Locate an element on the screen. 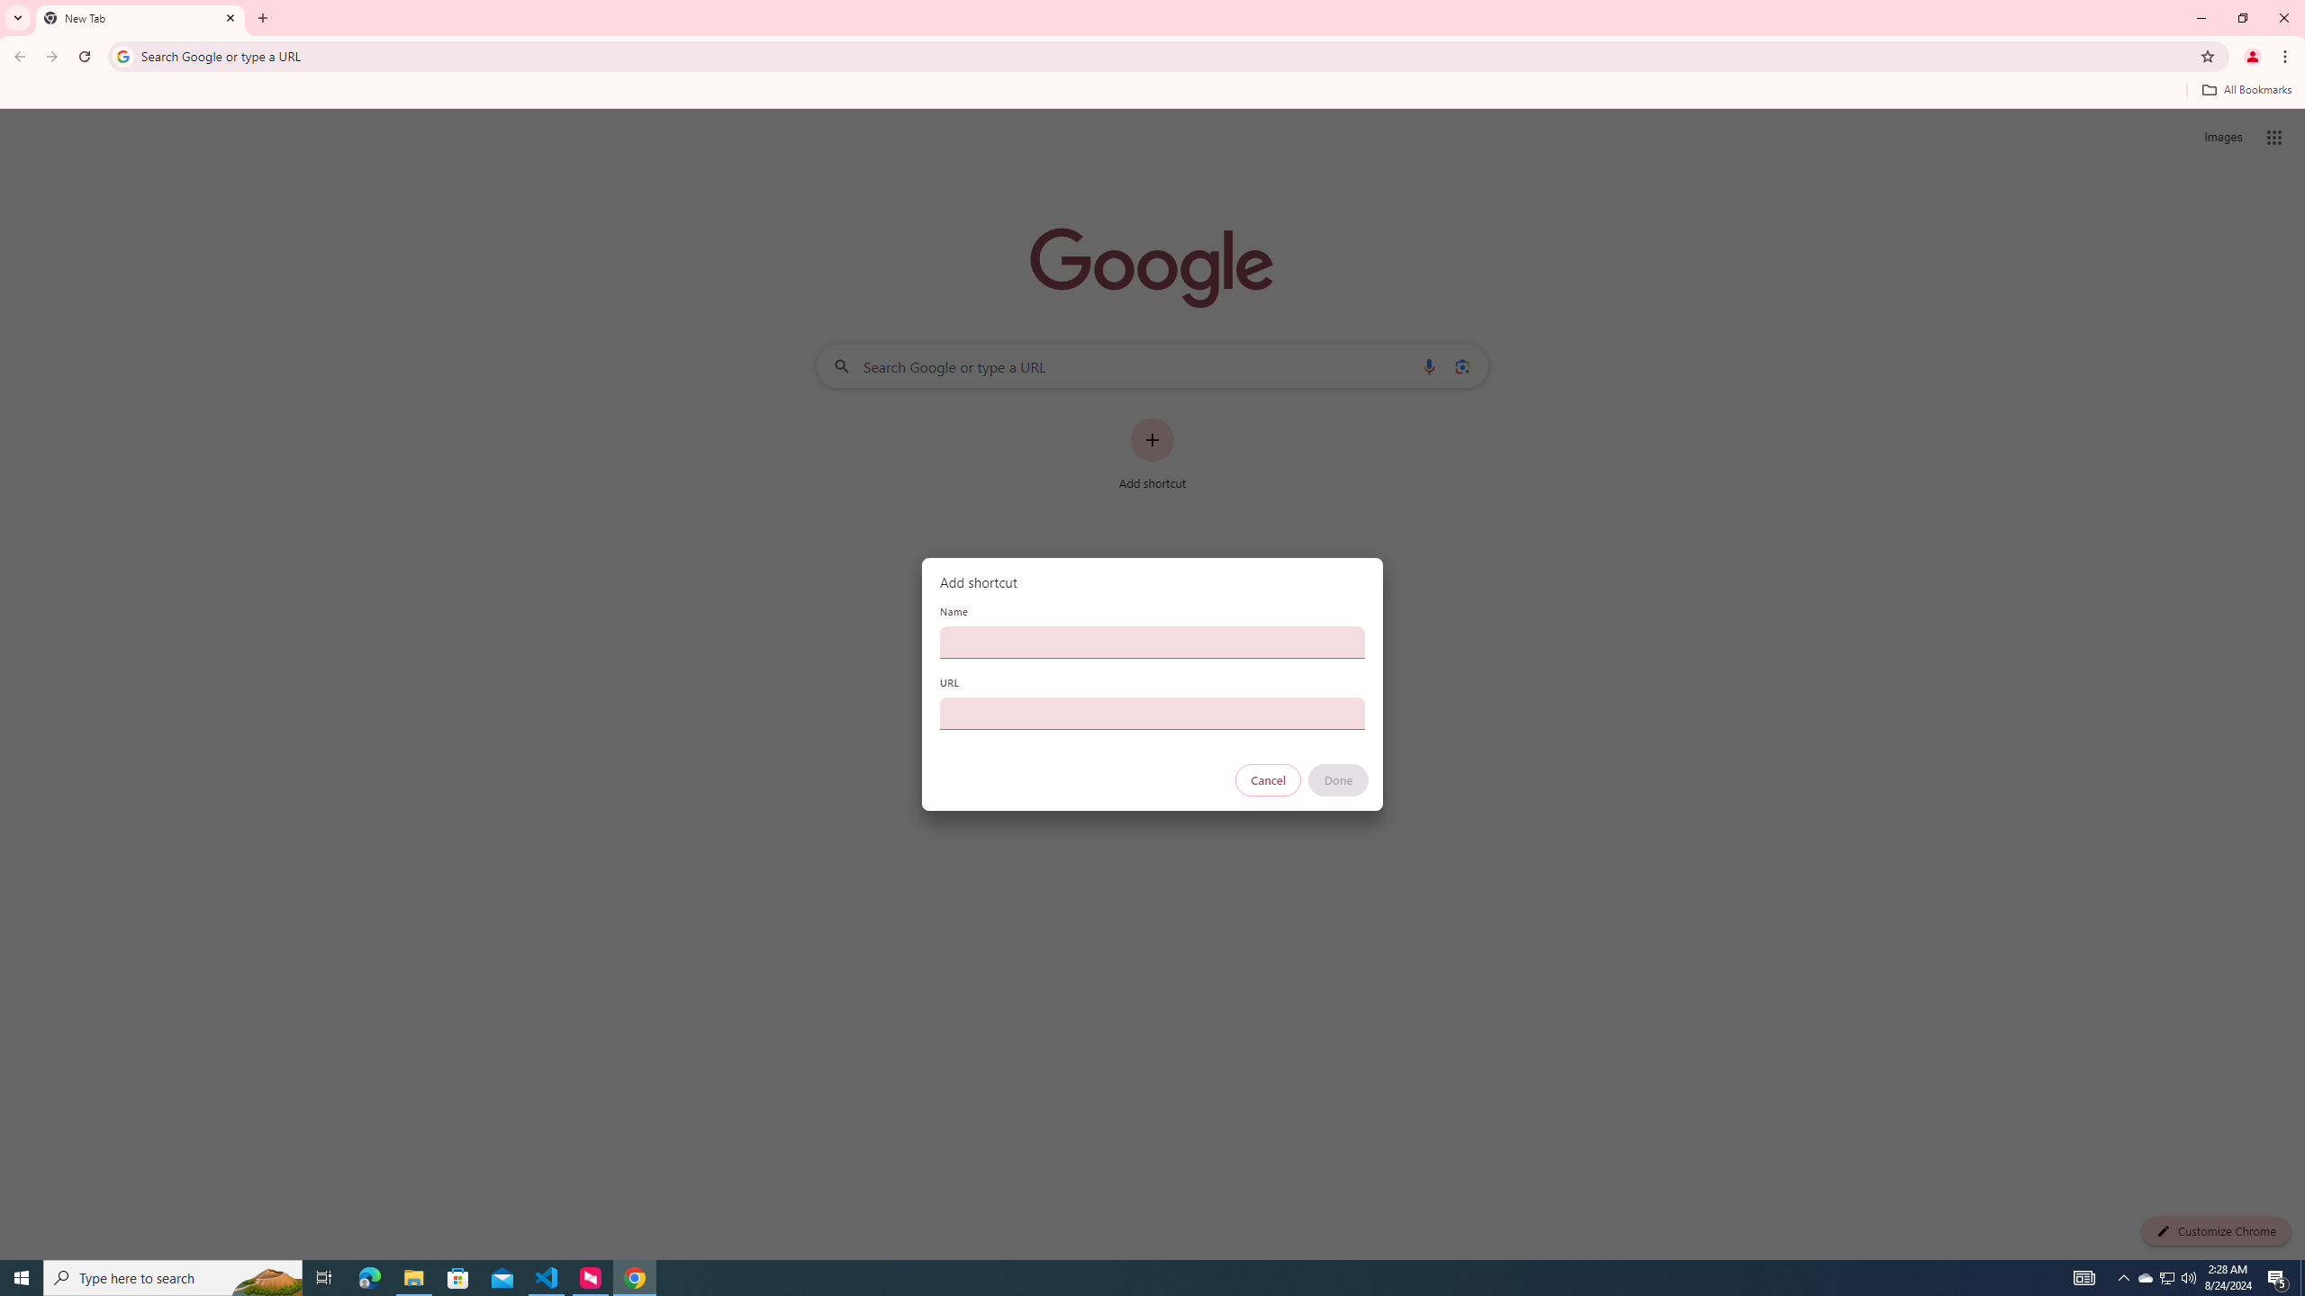  'New Tab' is located at coordinates (140, 17).